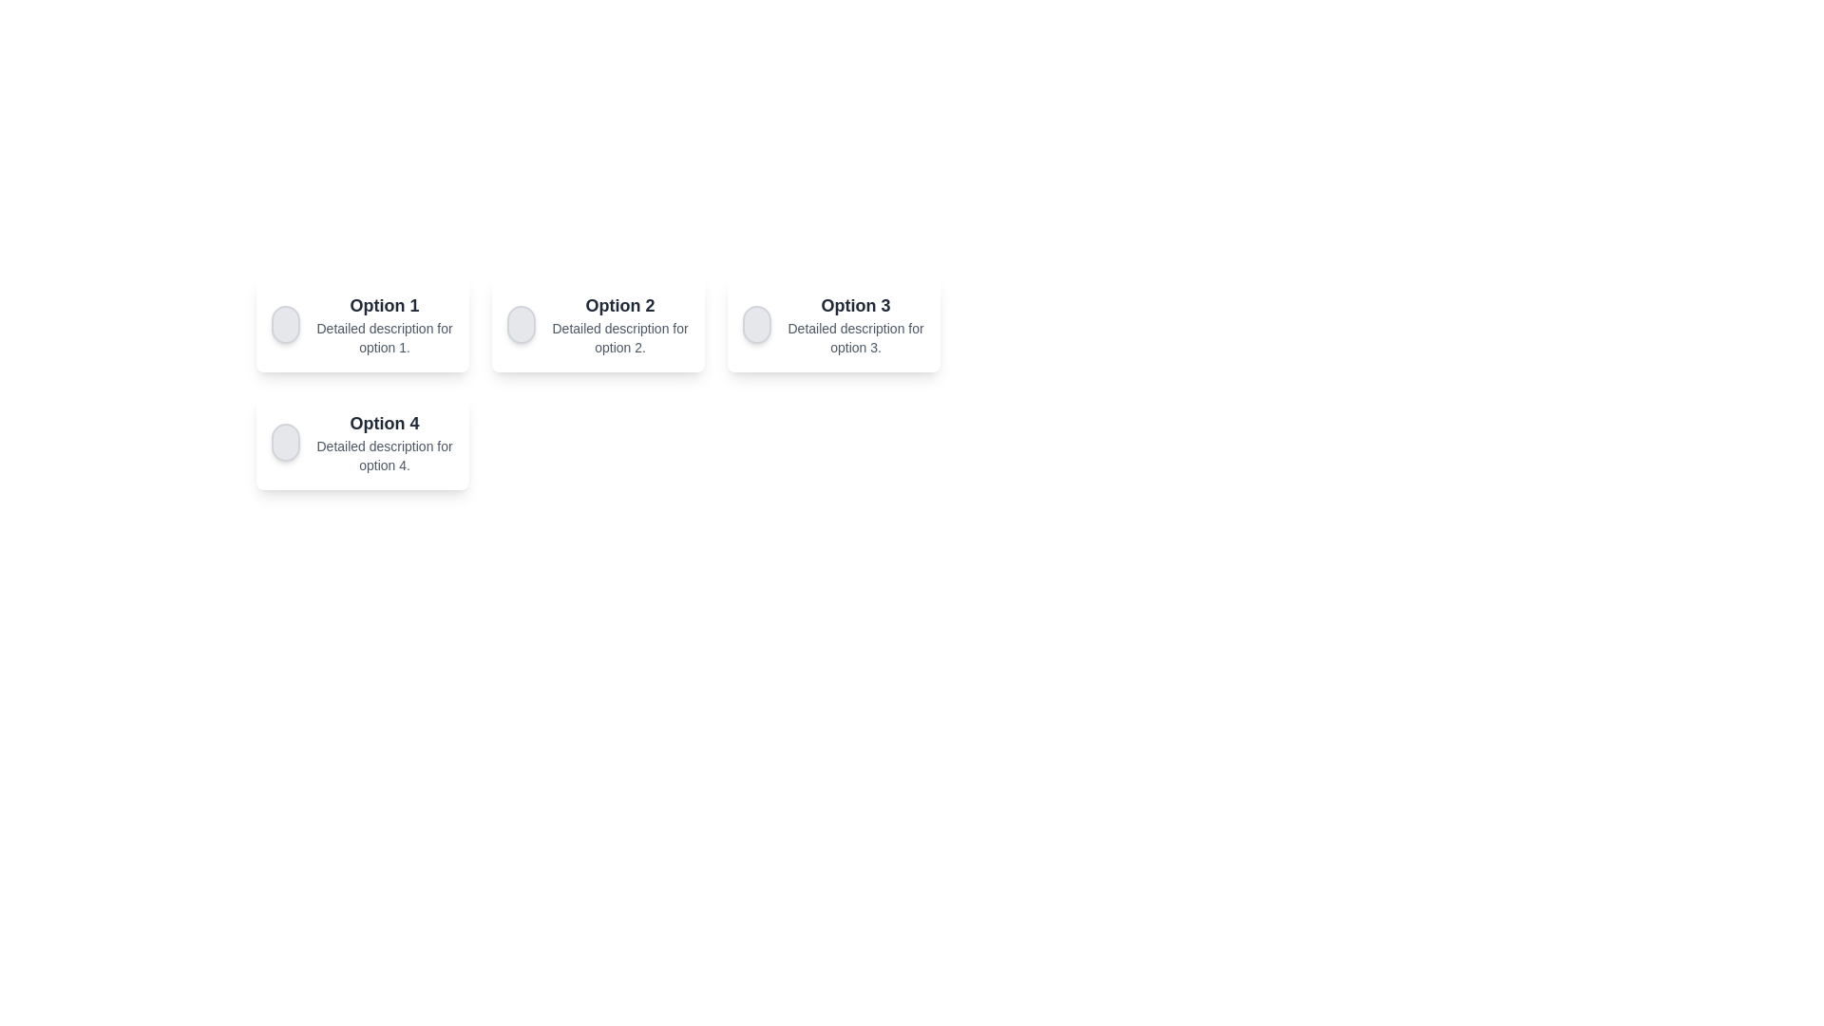  I want to click on the Header label element, which serves as the title of a selectable option in the second row of the grid layout, so click(384, 423).